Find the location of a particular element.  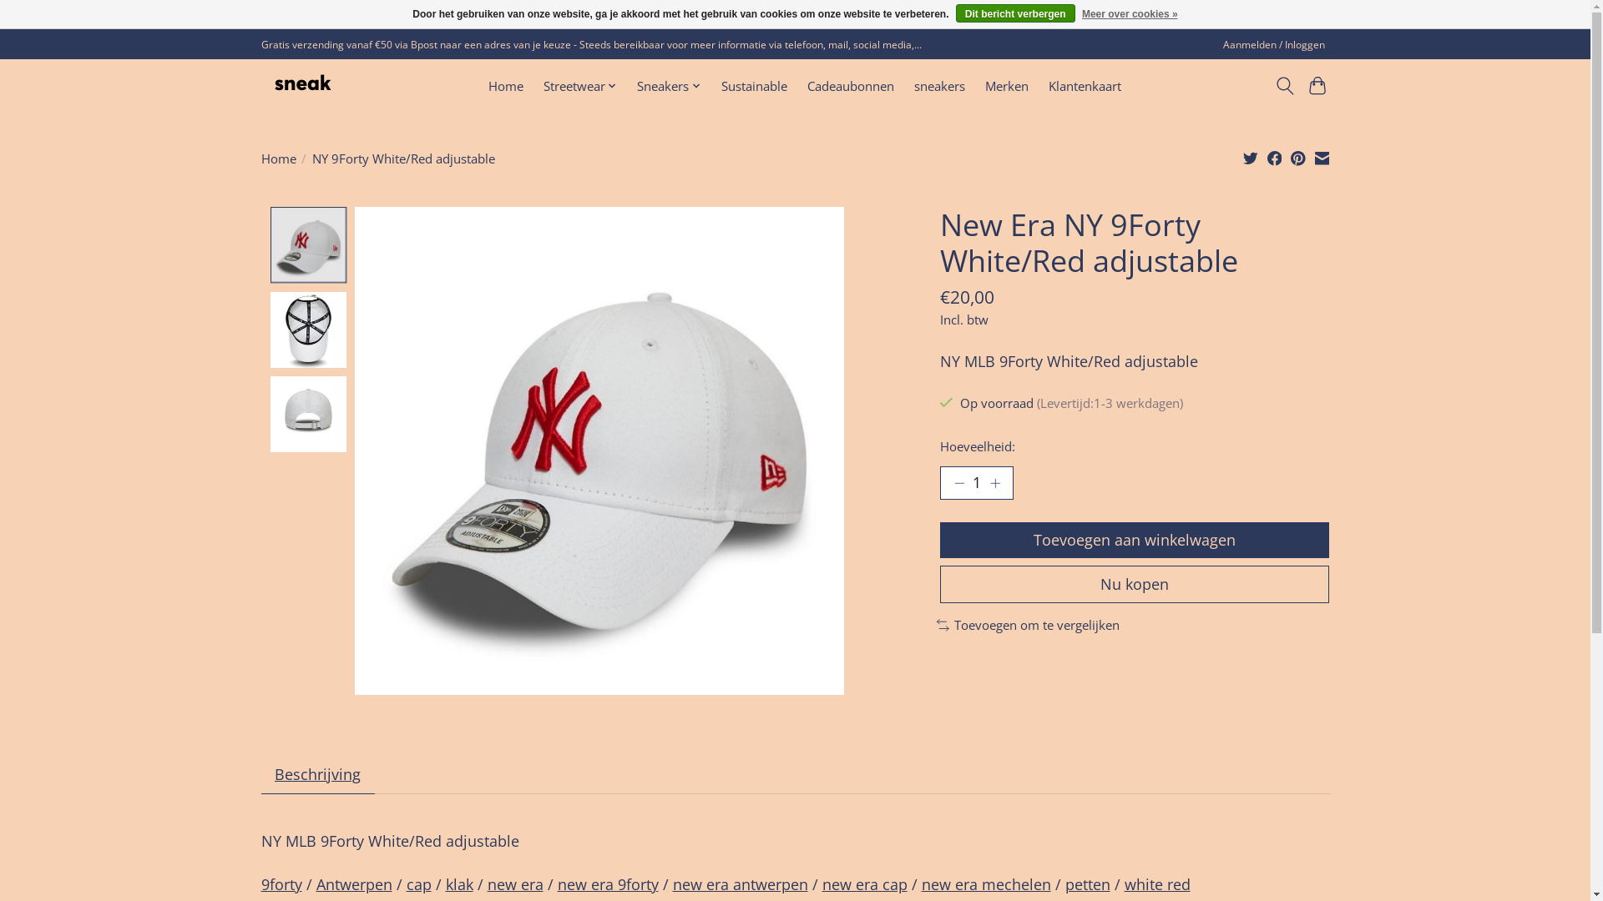

'klak' is located at coordinates (459, 883).